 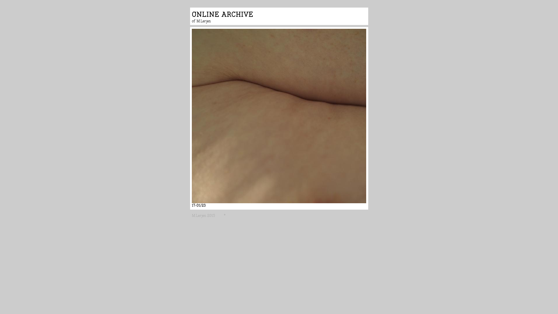 I want to click on '*', so click(x=225, y=215).